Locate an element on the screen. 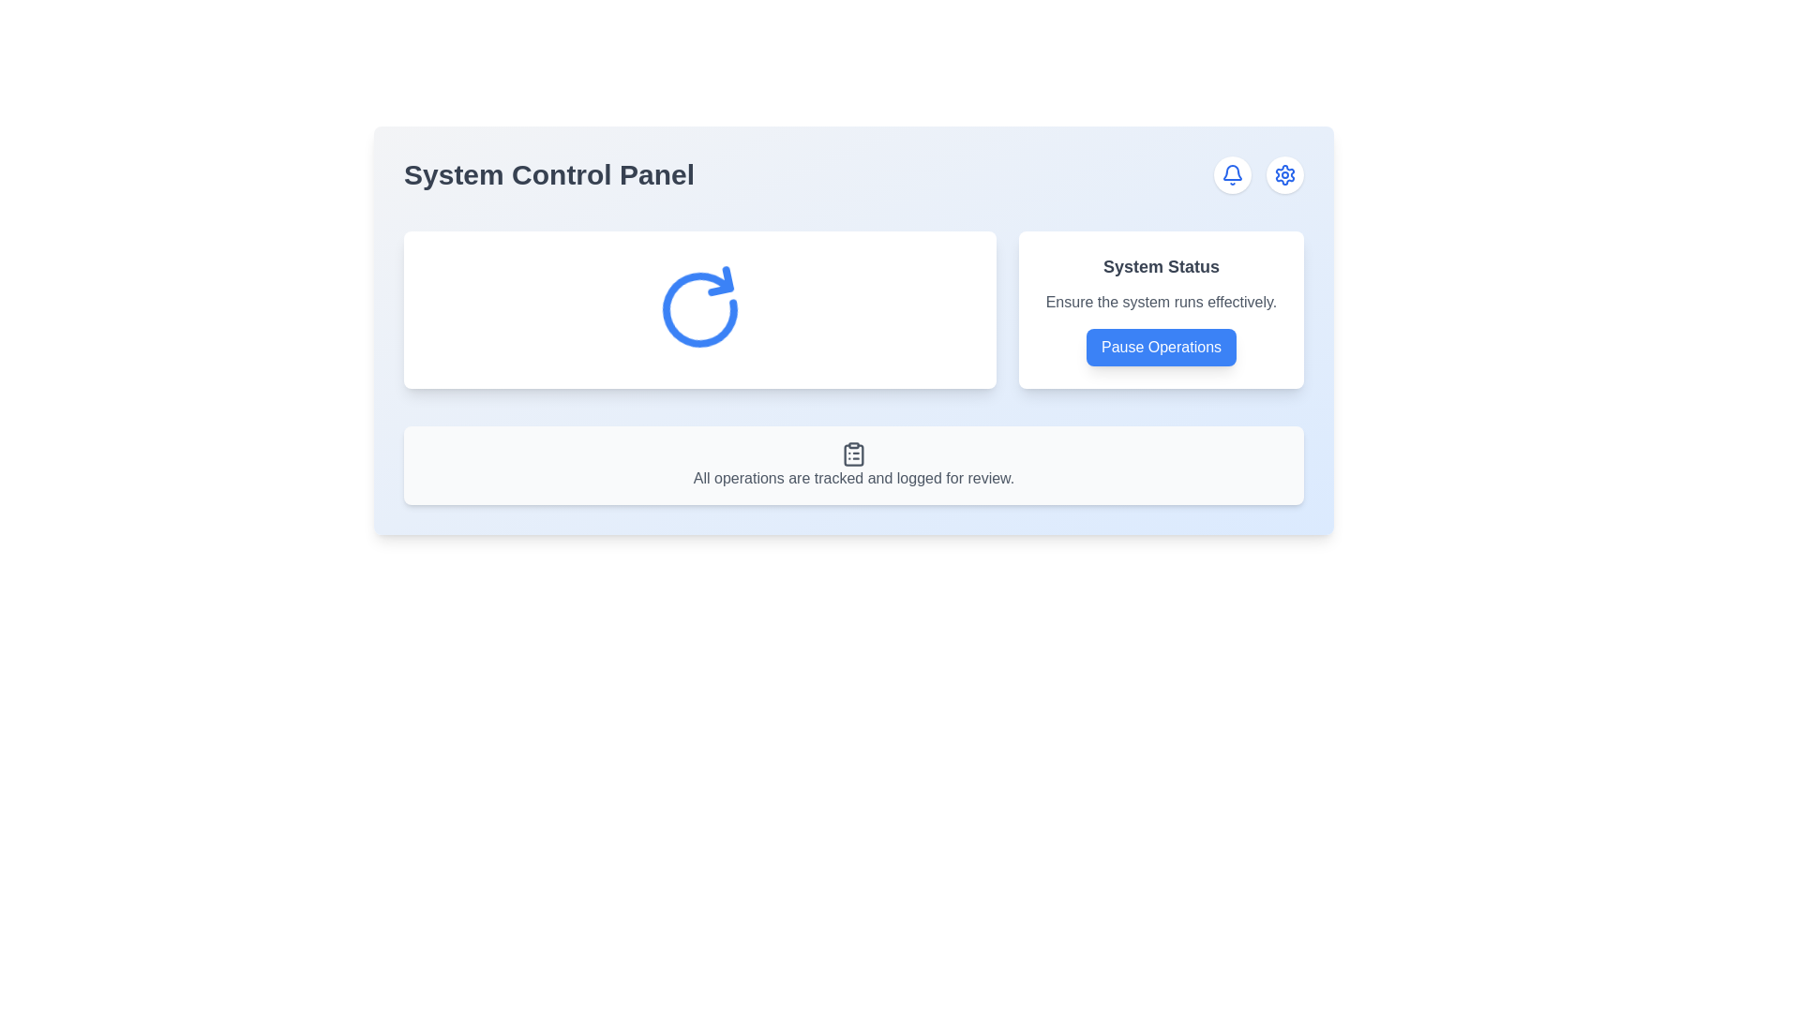 This screenshot has height=1012, width=1800. the 'Pause' button located in the bottom-right area of the 'System Status' card, below the text 'Ensure the system runs effectively.' is located at coordinates (1160, 347).